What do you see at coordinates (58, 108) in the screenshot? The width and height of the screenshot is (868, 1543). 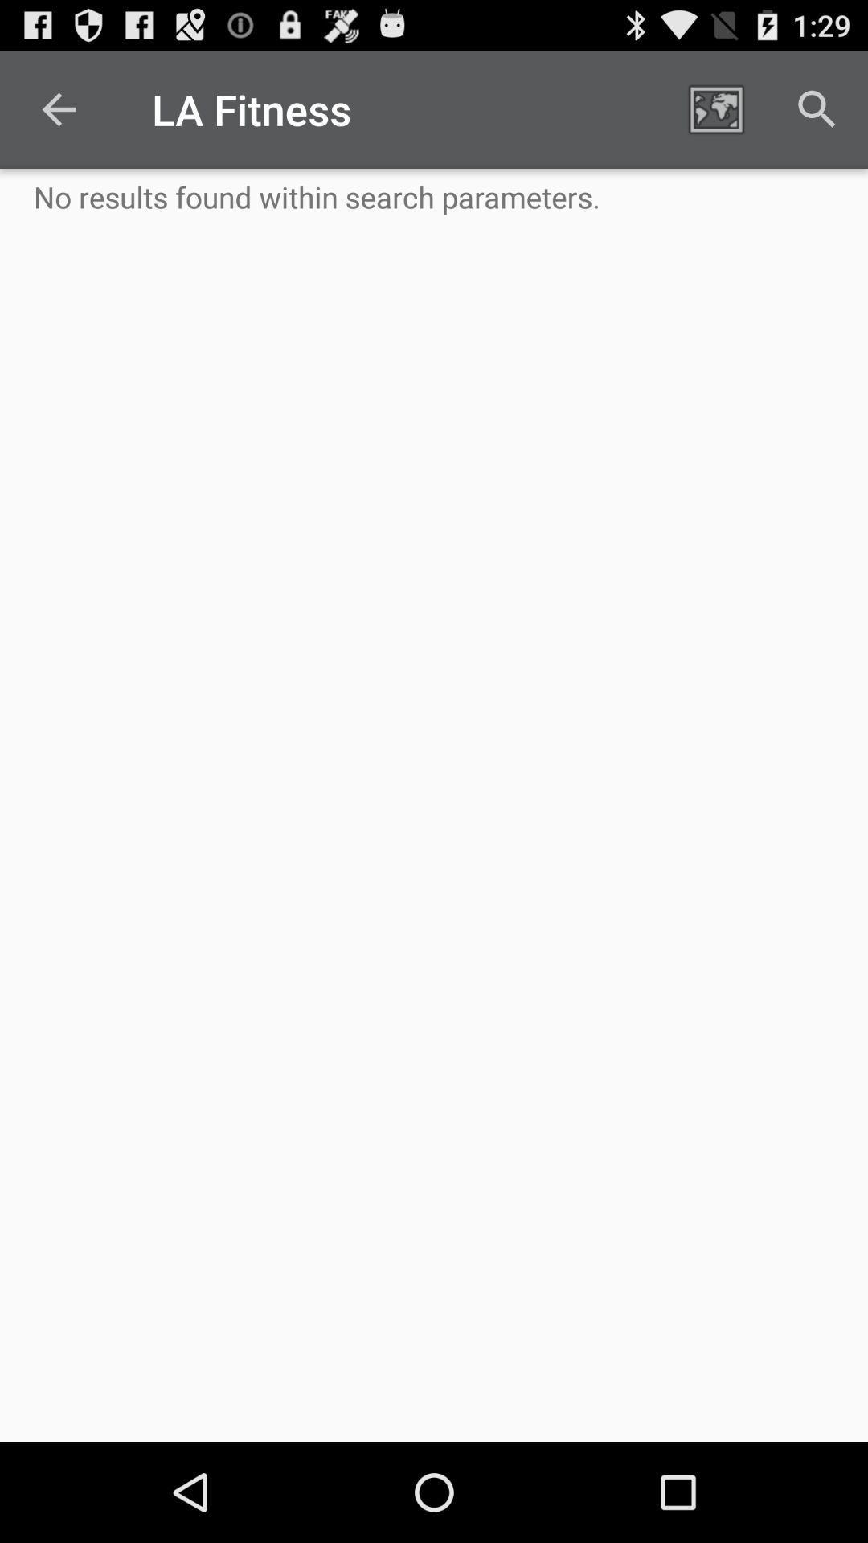 I see `icon next to la fitness` at bounding box center [58, 108].